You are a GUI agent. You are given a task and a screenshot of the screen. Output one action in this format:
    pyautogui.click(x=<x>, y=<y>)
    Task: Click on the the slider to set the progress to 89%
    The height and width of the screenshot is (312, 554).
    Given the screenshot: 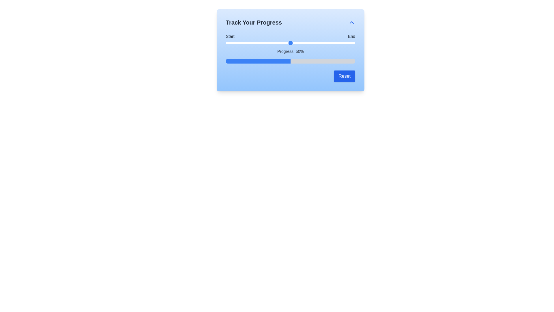 What is the action you would take?
    pyautogui.click(x=341, y=43)
    